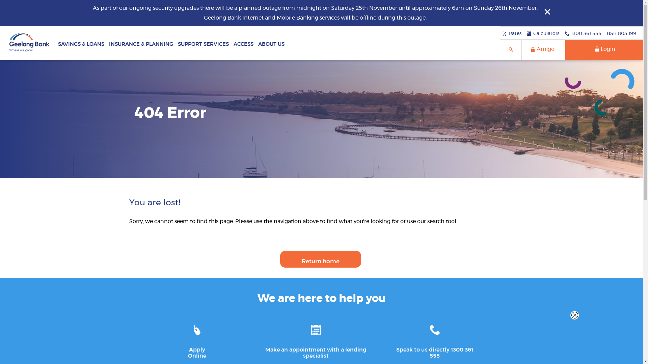 Image resolution: width=648 pixels, height=364 pixels. Describe the element at coordinates (512, 33) in the screenshot. I see `'Rates'` at that location.